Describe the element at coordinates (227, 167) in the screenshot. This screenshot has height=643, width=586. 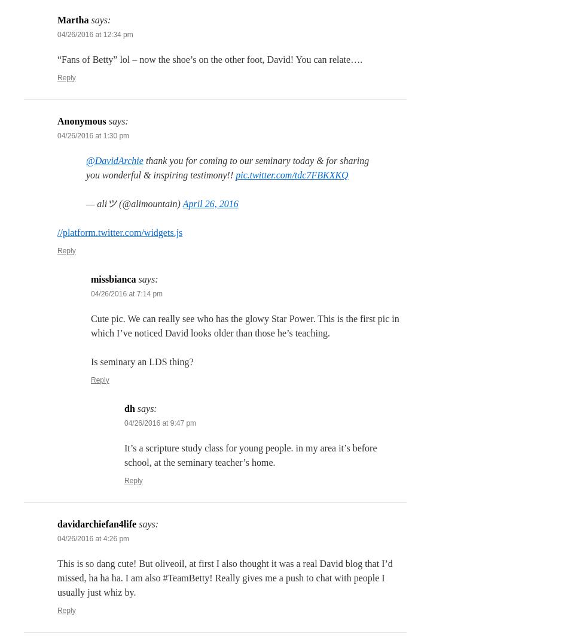
I see `'thank you for coming to our seminary today & for sharing you wonderful & inspiring testimony!!'` at that location.